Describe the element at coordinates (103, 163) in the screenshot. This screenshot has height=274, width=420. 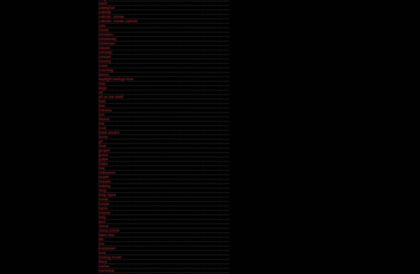
I see `'haiku'` at that location.